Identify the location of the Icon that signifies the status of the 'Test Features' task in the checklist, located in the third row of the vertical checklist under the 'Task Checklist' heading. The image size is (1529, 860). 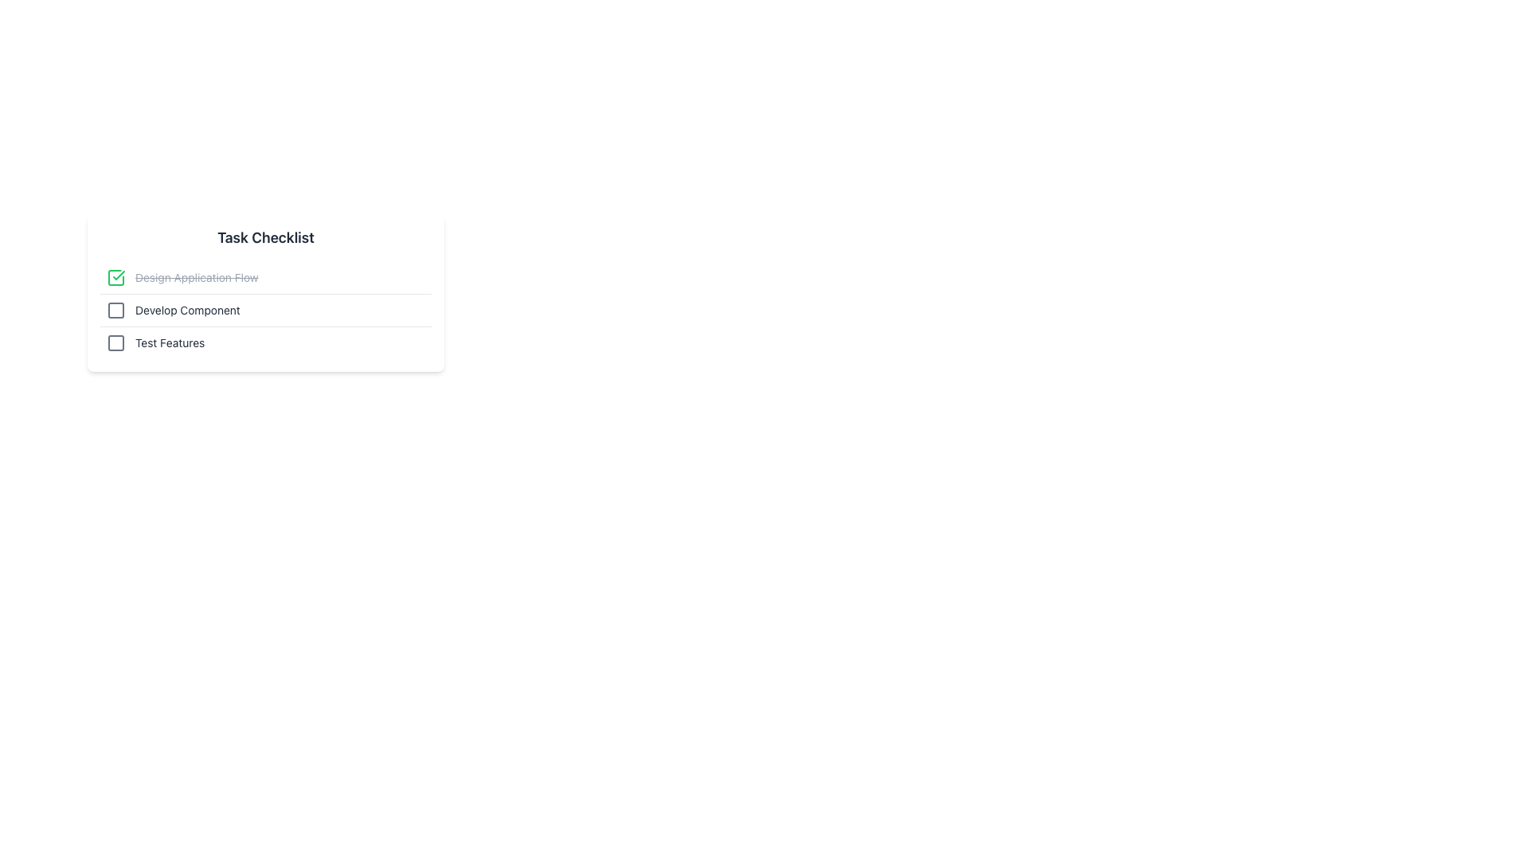
(115, 342).